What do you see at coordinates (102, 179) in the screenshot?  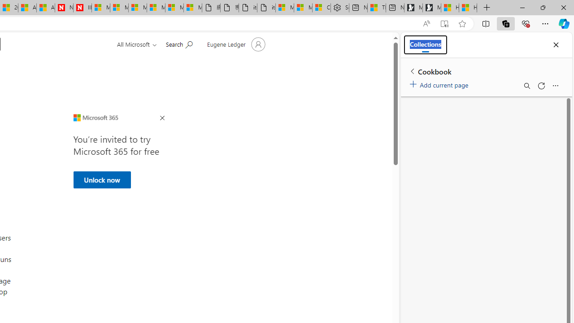 I see `'Unlock now'` at bounding box center [102, 179].